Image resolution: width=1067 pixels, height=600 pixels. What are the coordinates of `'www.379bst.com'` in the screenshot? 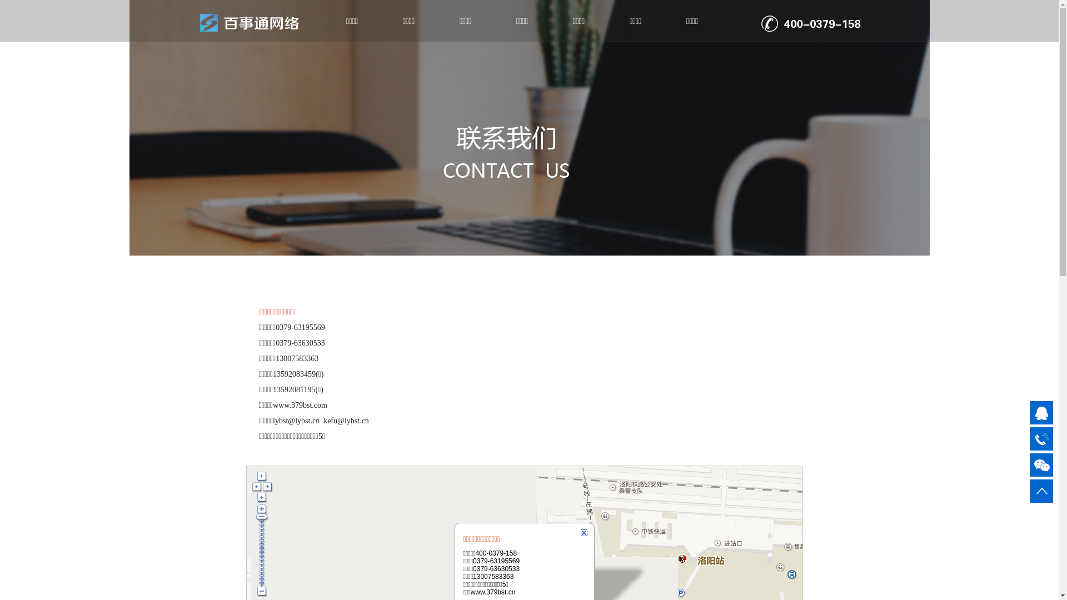 It's located at (300, 405).